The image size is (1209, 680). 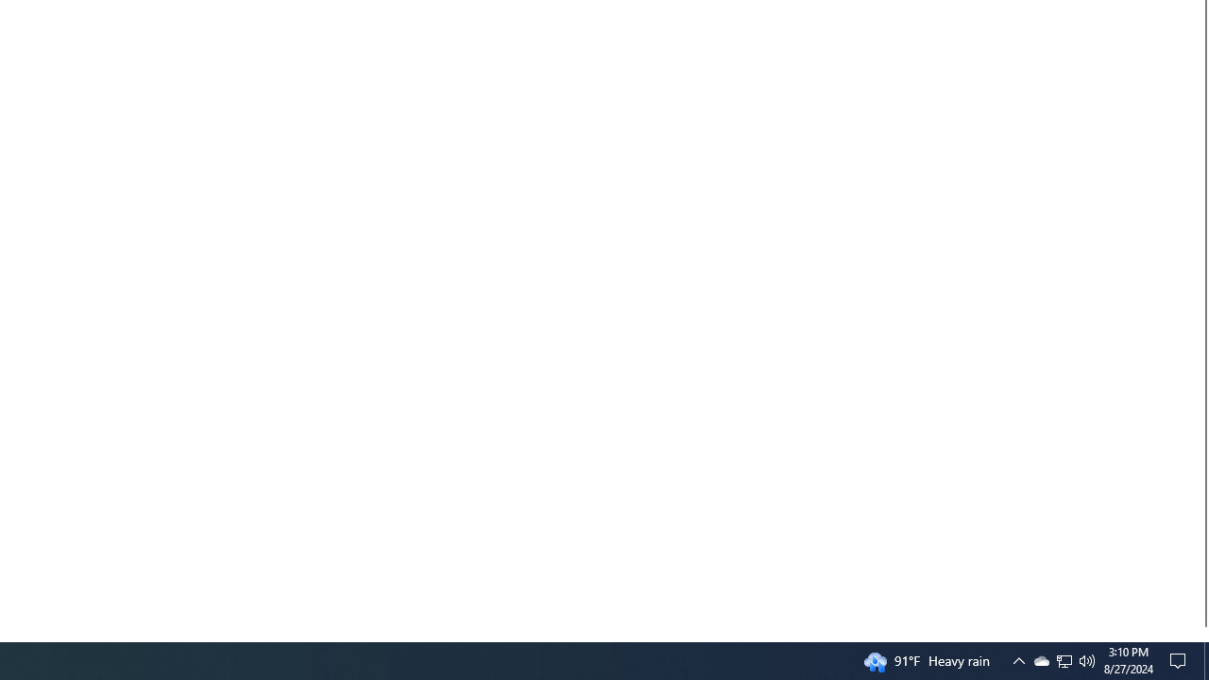 I want to click on 'Vertical Small Increase', so click(x=1200, y=634).